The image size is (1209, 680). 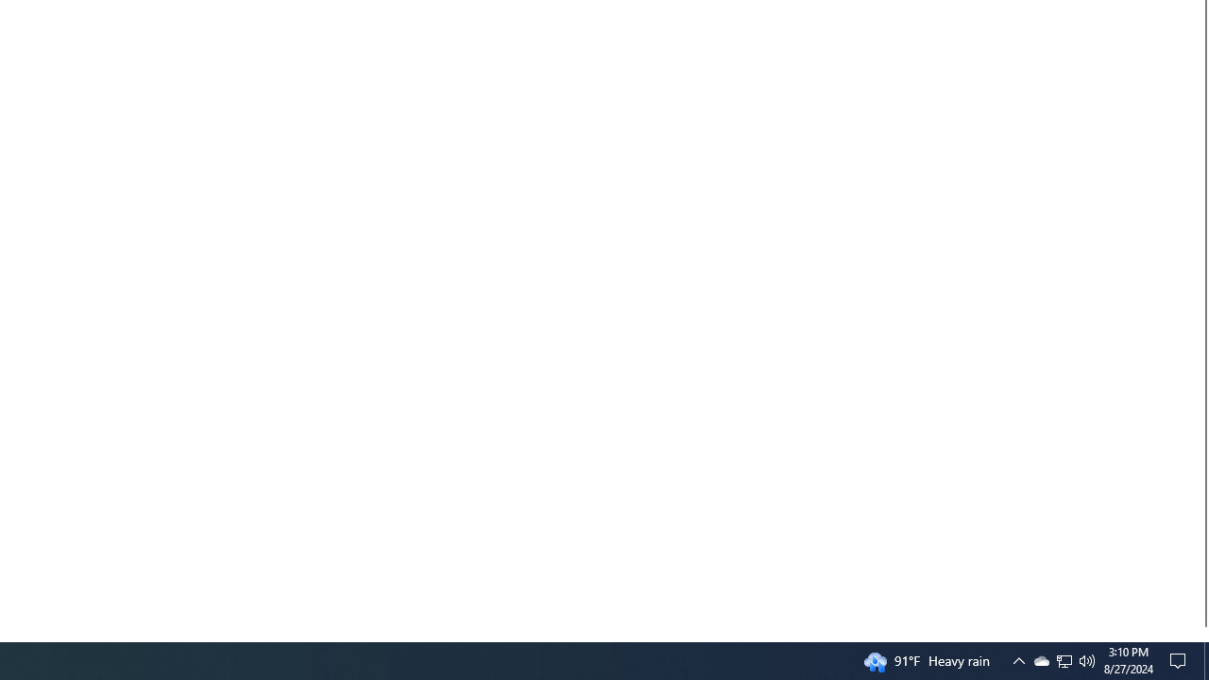 I want to click on 'Vertical Small Increase', so click(x=1200, y=634).